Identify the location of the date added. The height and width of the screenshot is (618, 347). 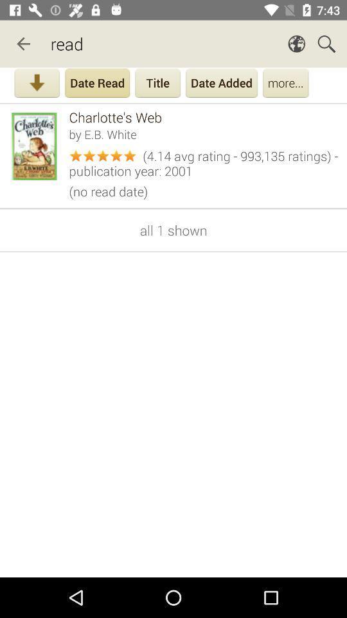
(221, 84).